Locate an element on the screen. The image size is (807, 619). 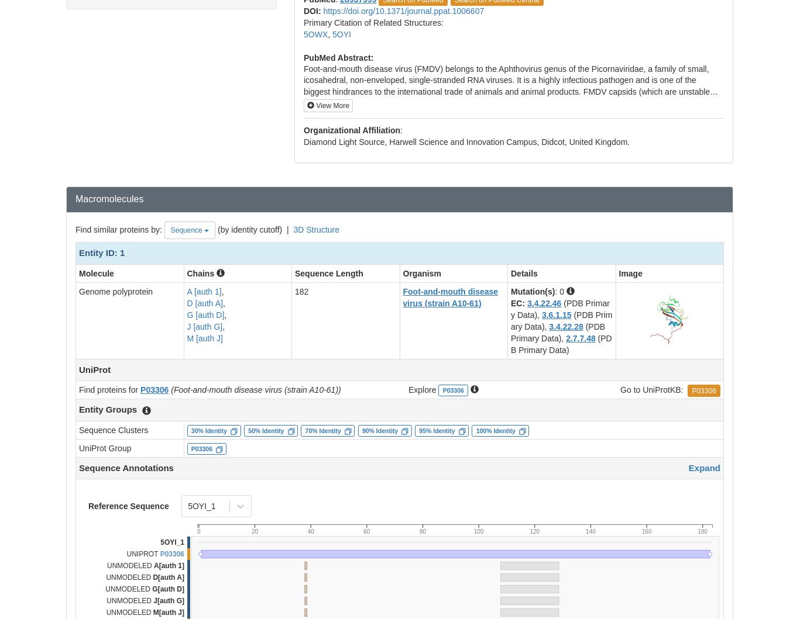
'20' is located at coordinates (253, 531).